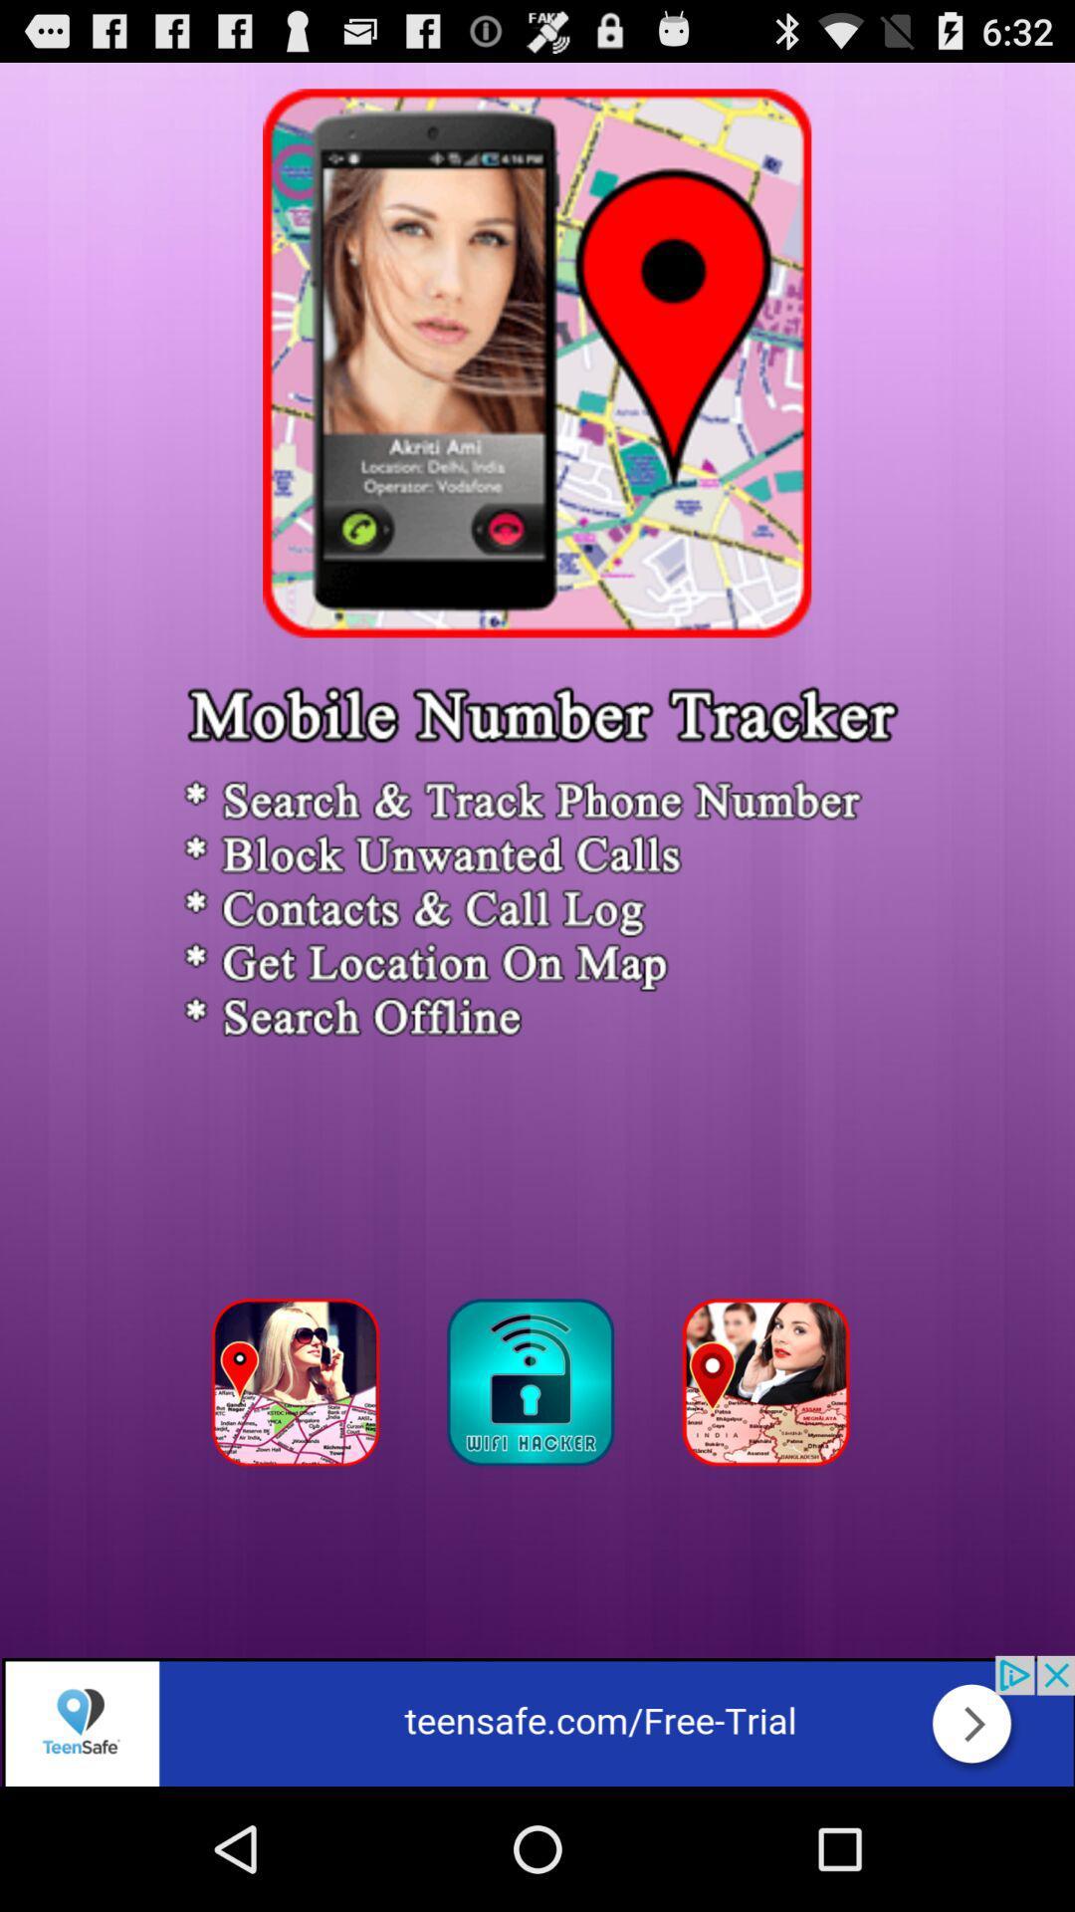  Describe the element at coordinates (770, 1387) in the screenshot. I see `game page` at that location.